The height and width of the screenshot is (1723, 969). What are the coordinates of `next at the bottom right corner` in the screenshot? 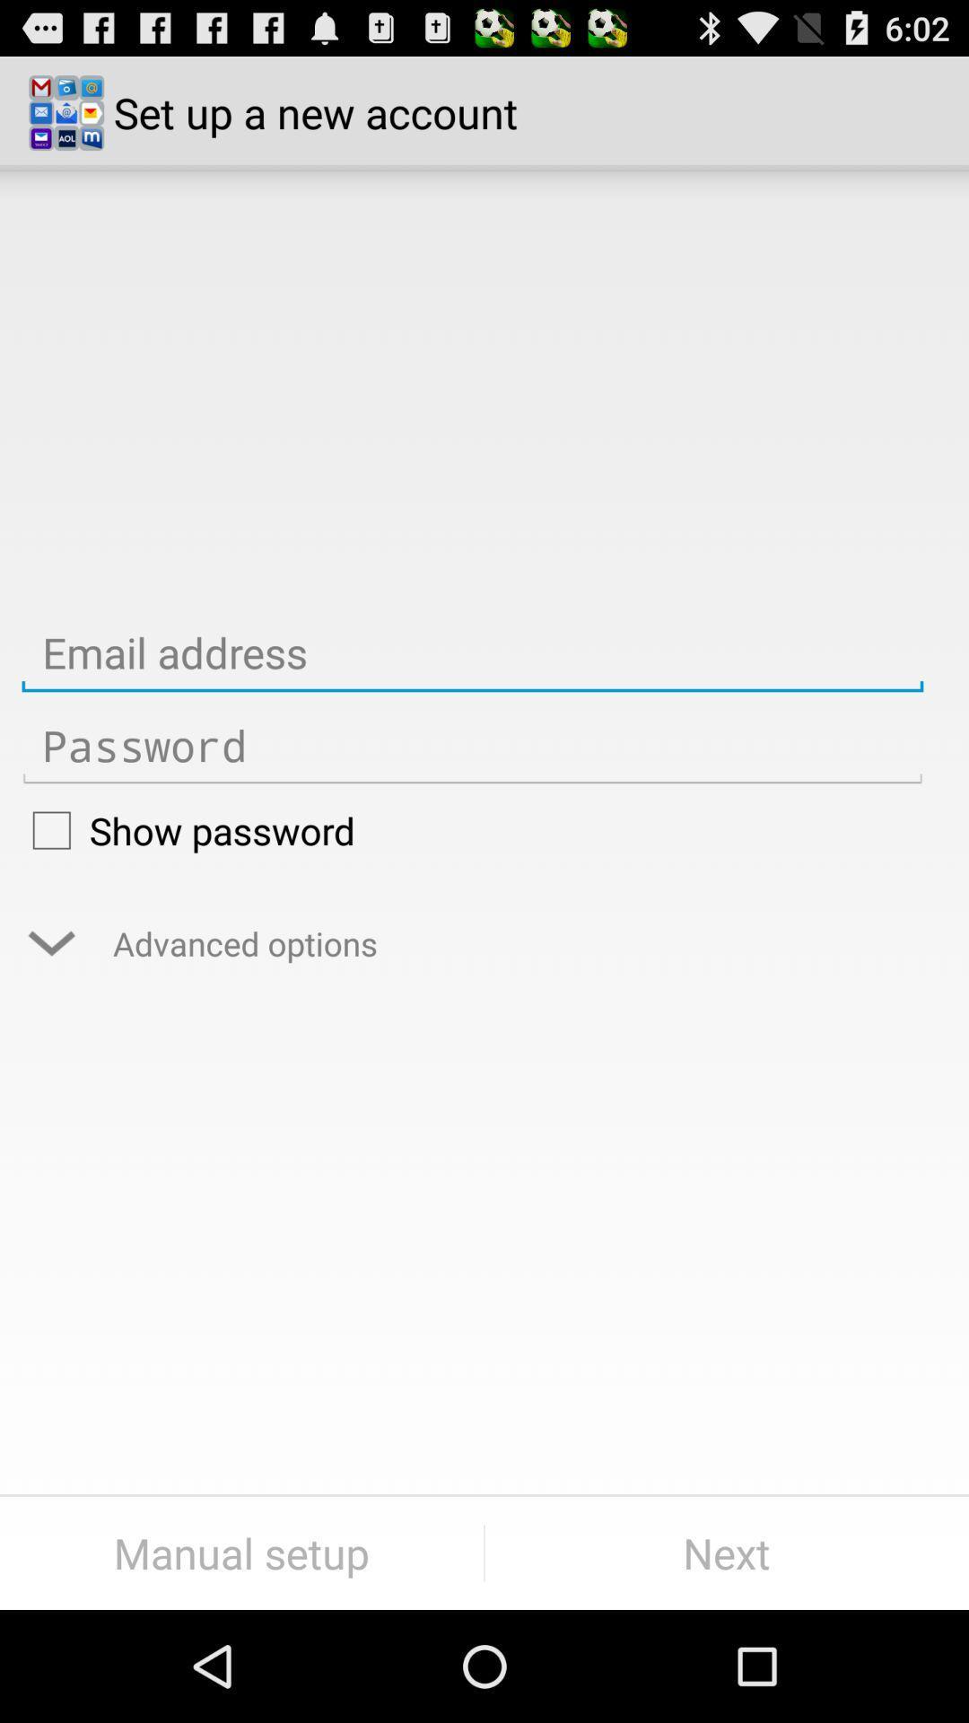 It's located at (727, 1552).